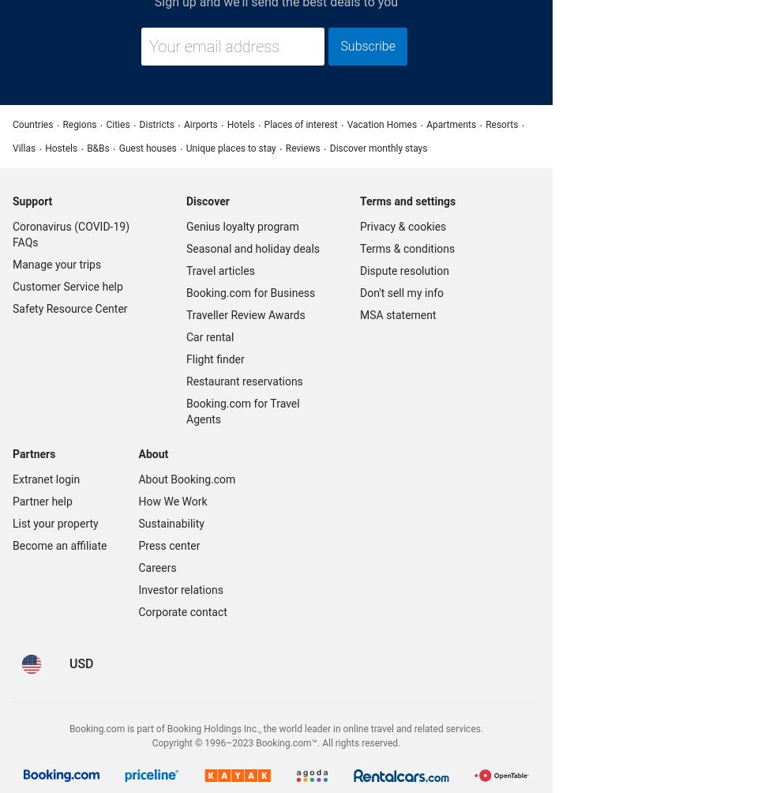 This screenshot has width=765, height=793. Describe the element at coordinates (451, 123) in the screenshot. I see `'Apartments'` at that location.